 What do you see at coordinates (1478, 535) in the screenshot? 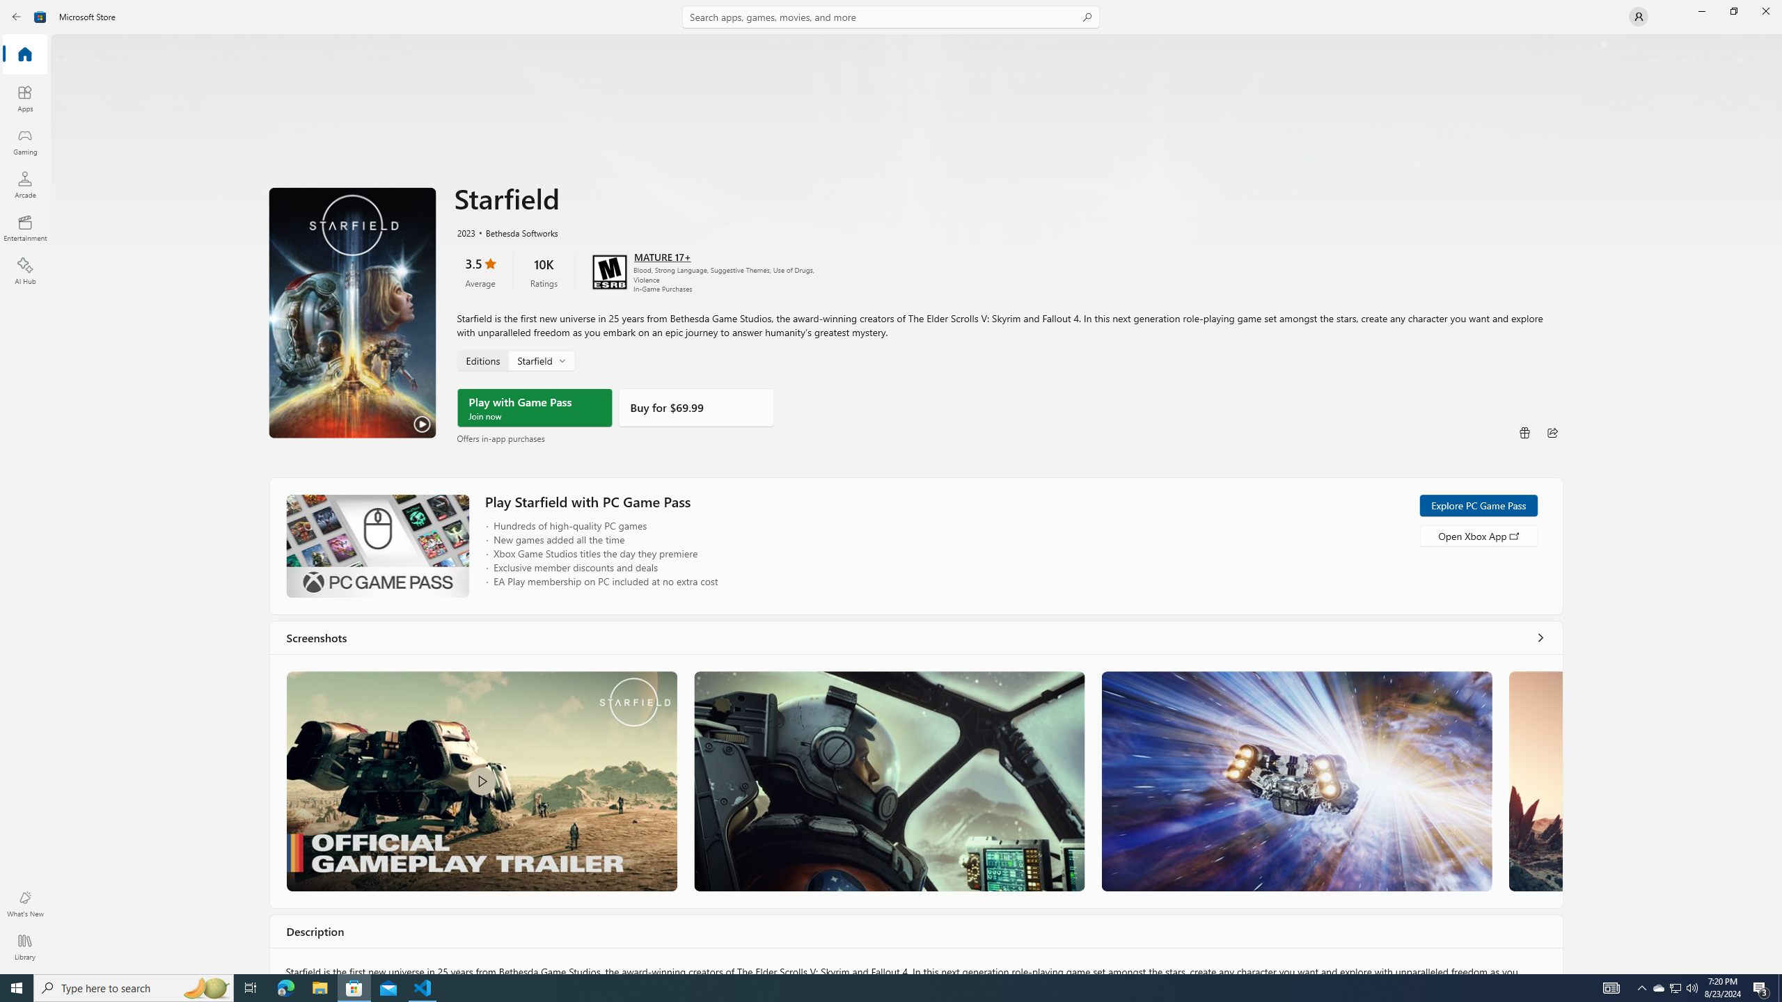
I see `'Open Xbox App'` at bounding box center [1478, 535].